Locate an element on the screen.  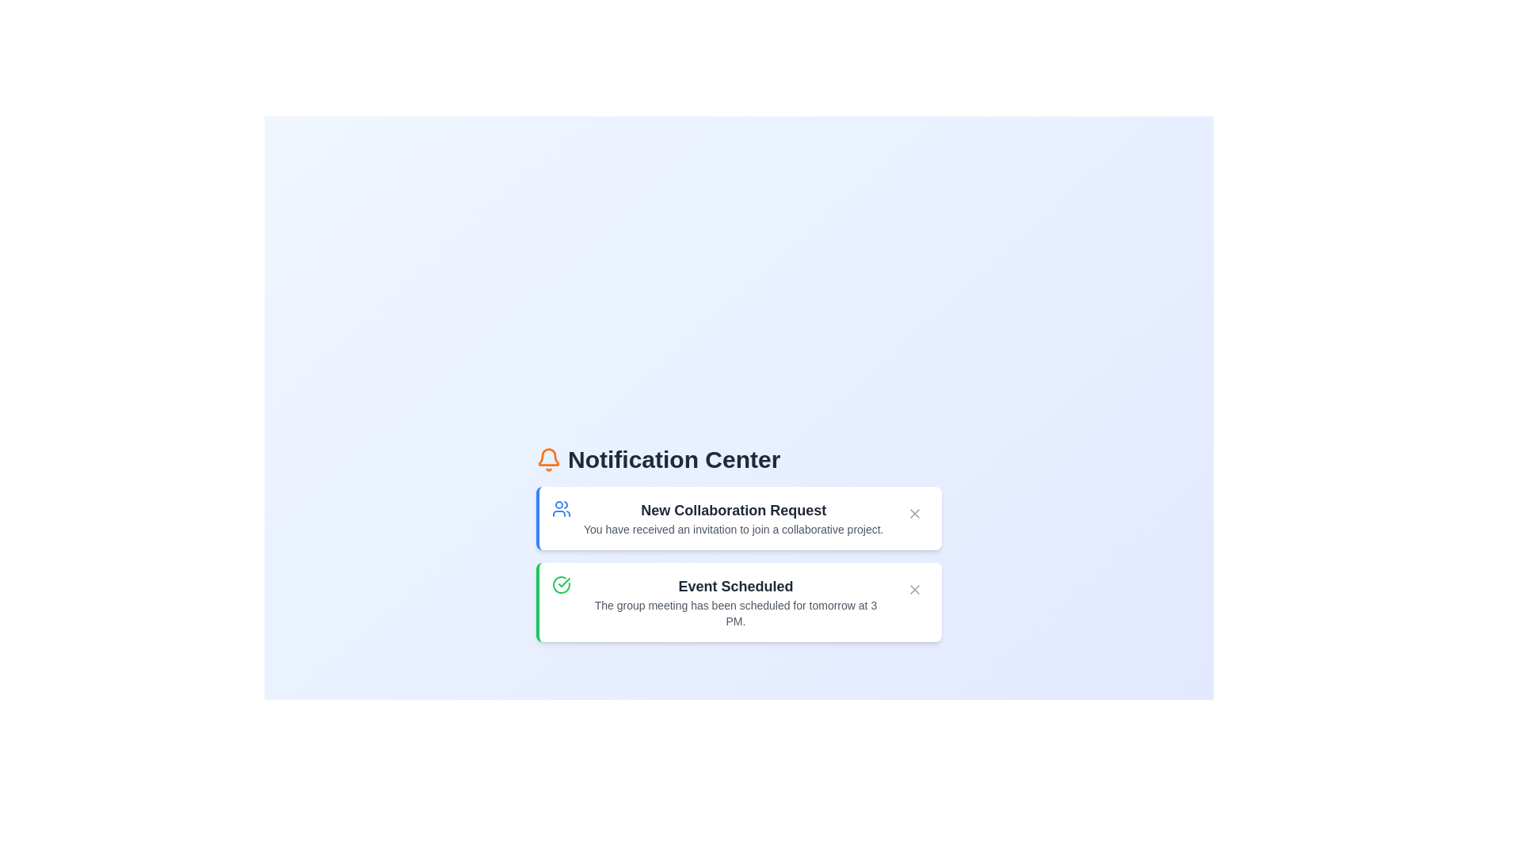
the 'X' mark button icon located in the second notification box labeled 'Event Scheduled' to trigger potential hover effects is located at coordinates (915, 589).